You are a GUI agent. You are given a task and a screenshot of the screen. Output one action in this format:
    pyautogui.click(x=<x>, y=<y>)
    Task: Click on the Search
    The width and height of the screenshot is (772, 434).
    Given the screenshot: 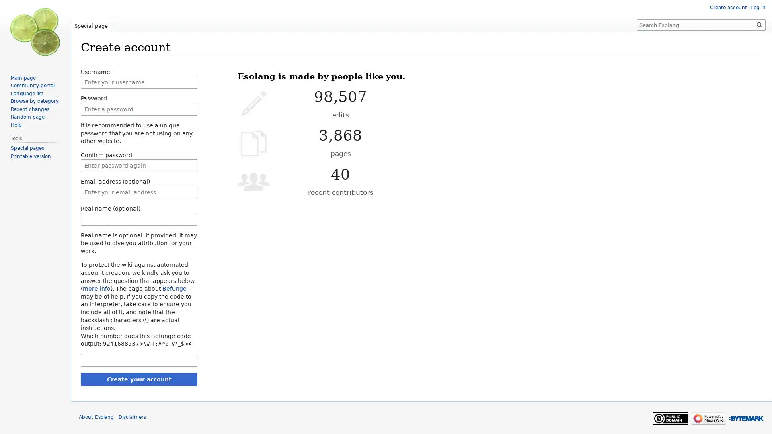 What is the action you would take?
    pyautogui.click(x=759, y=24)
    